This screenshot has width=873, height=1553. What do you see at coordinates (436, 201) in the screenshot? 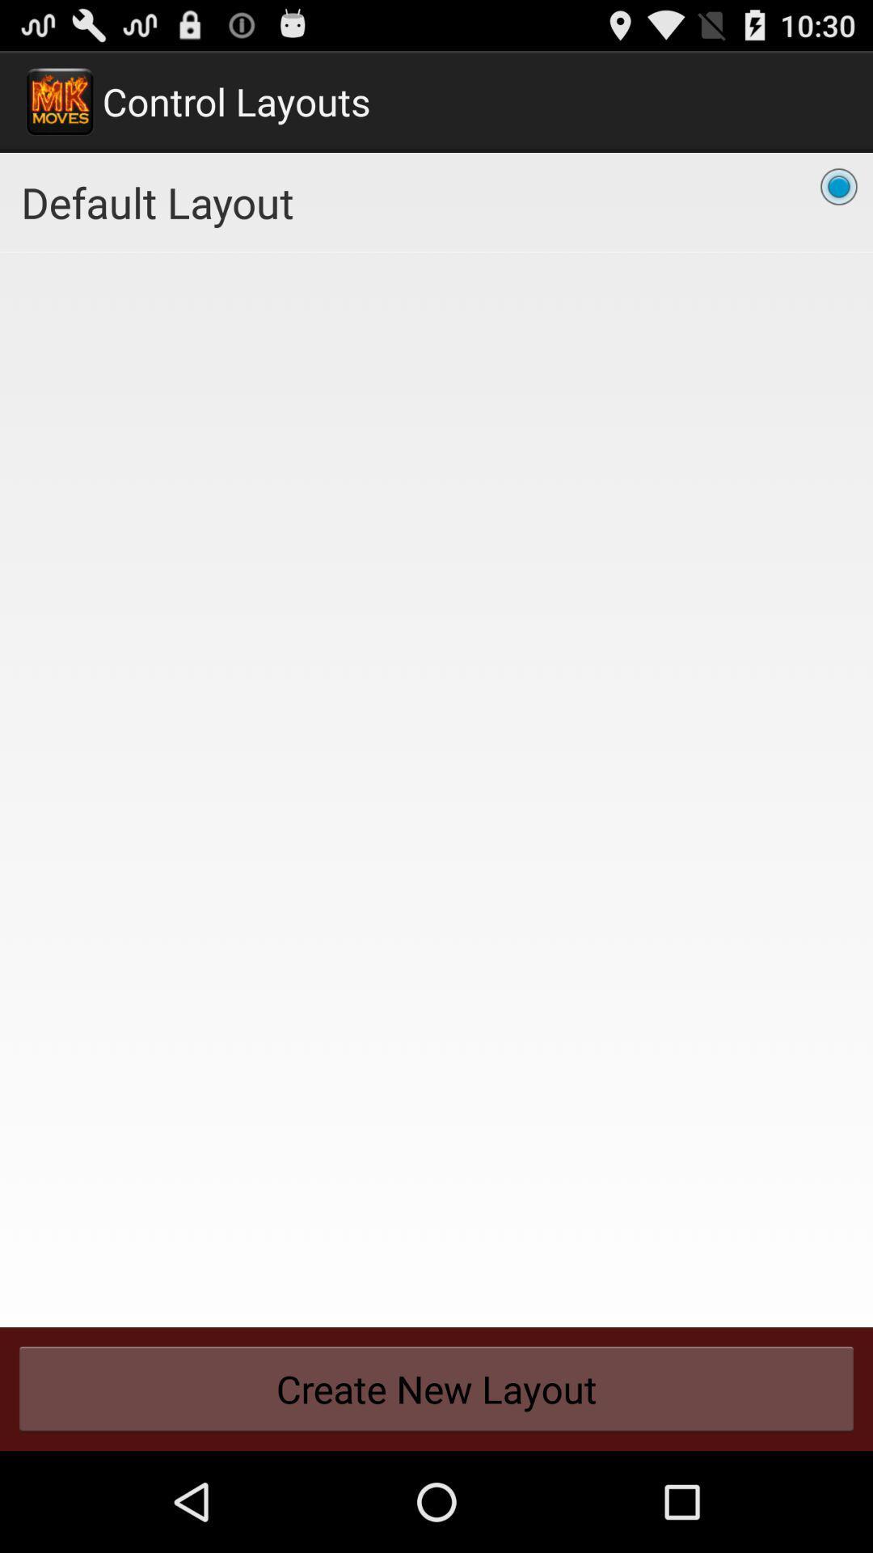
I see `the default layout icon` at bounding box center [436, 201].